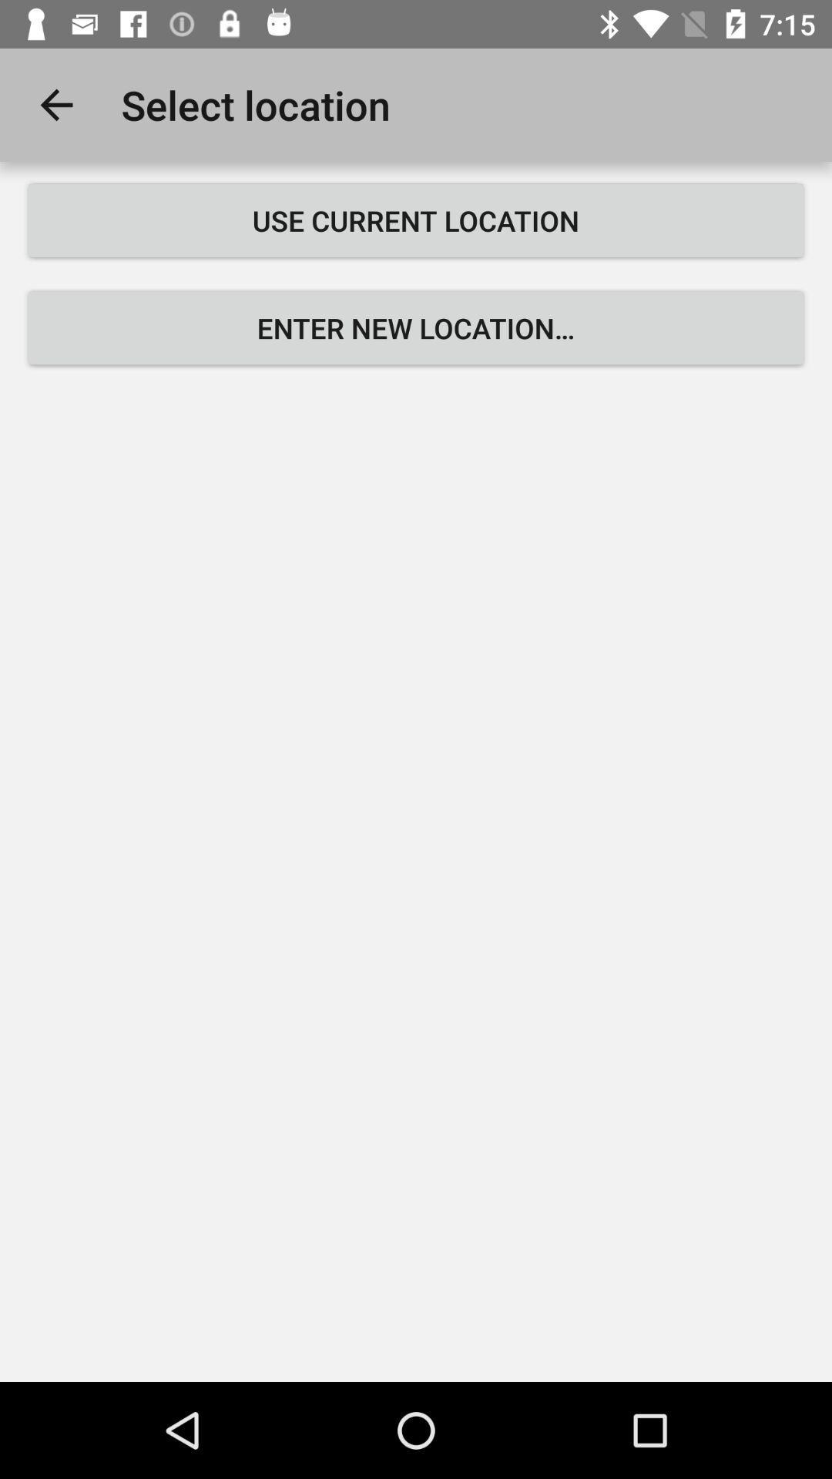 This screenshot has height=1479, width=832. I want to click on use current location, so click(416, 220).